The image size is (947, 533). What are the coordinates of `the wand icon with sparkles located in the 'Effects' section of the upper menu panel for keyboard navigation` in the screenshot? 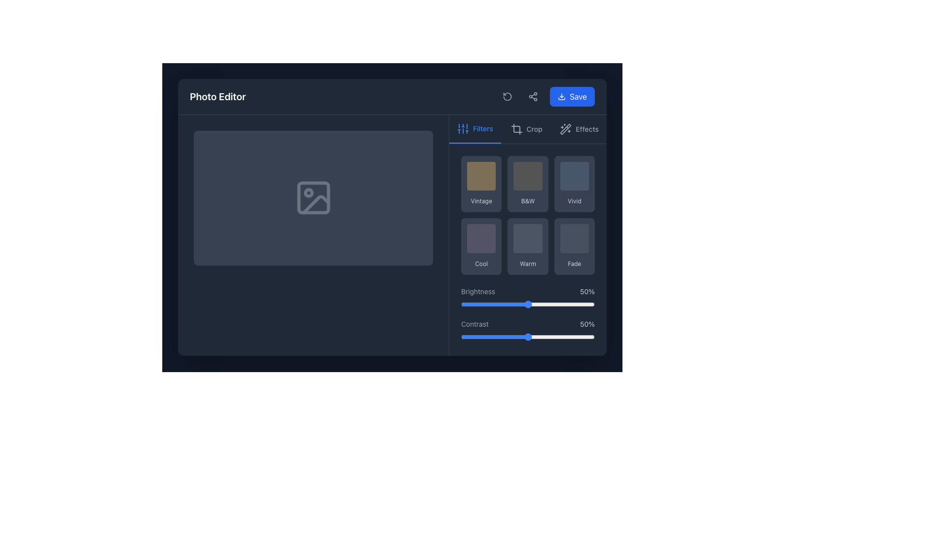 It's located at (566, 129).